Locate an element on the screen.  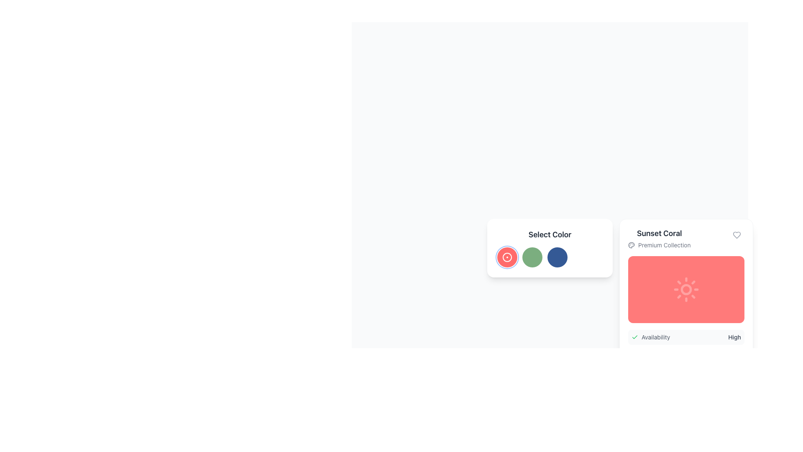
the visual representation of the circular red icon centered within the sunburst icon on the 'Sunset Coral' card, located to the right of the 'Select Color' panel is located at coordinates (686, 289).